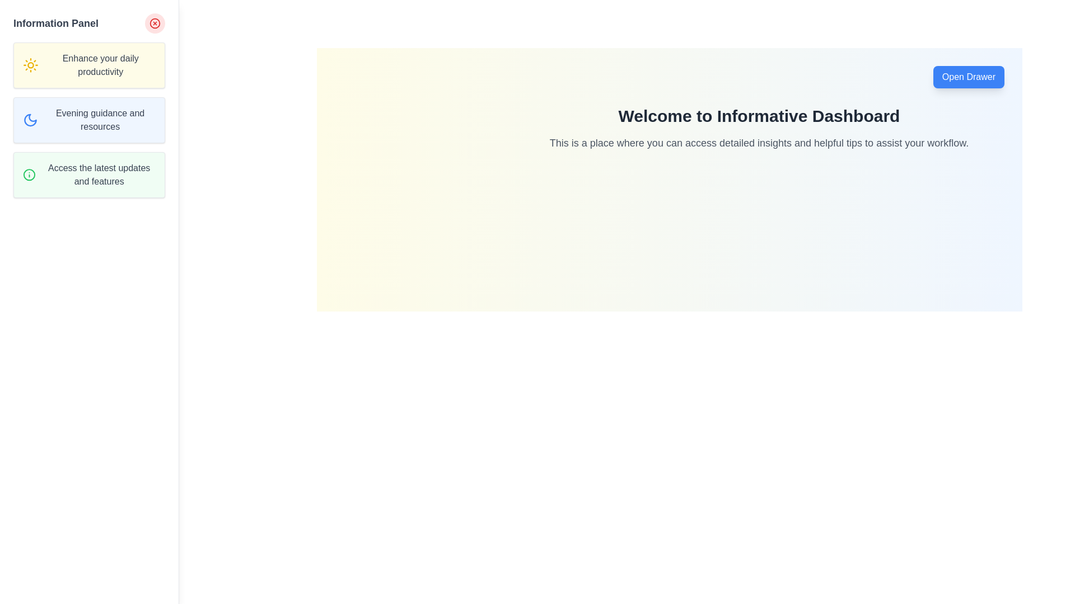 The image size is (1075, 604). What do you see at coordinates (29, 174) in the screenshot?
I see `the green circular SVG element that is centered within the third icon of the list in the Information Panel section on the left sidebar` at bounding box center [29, 174].